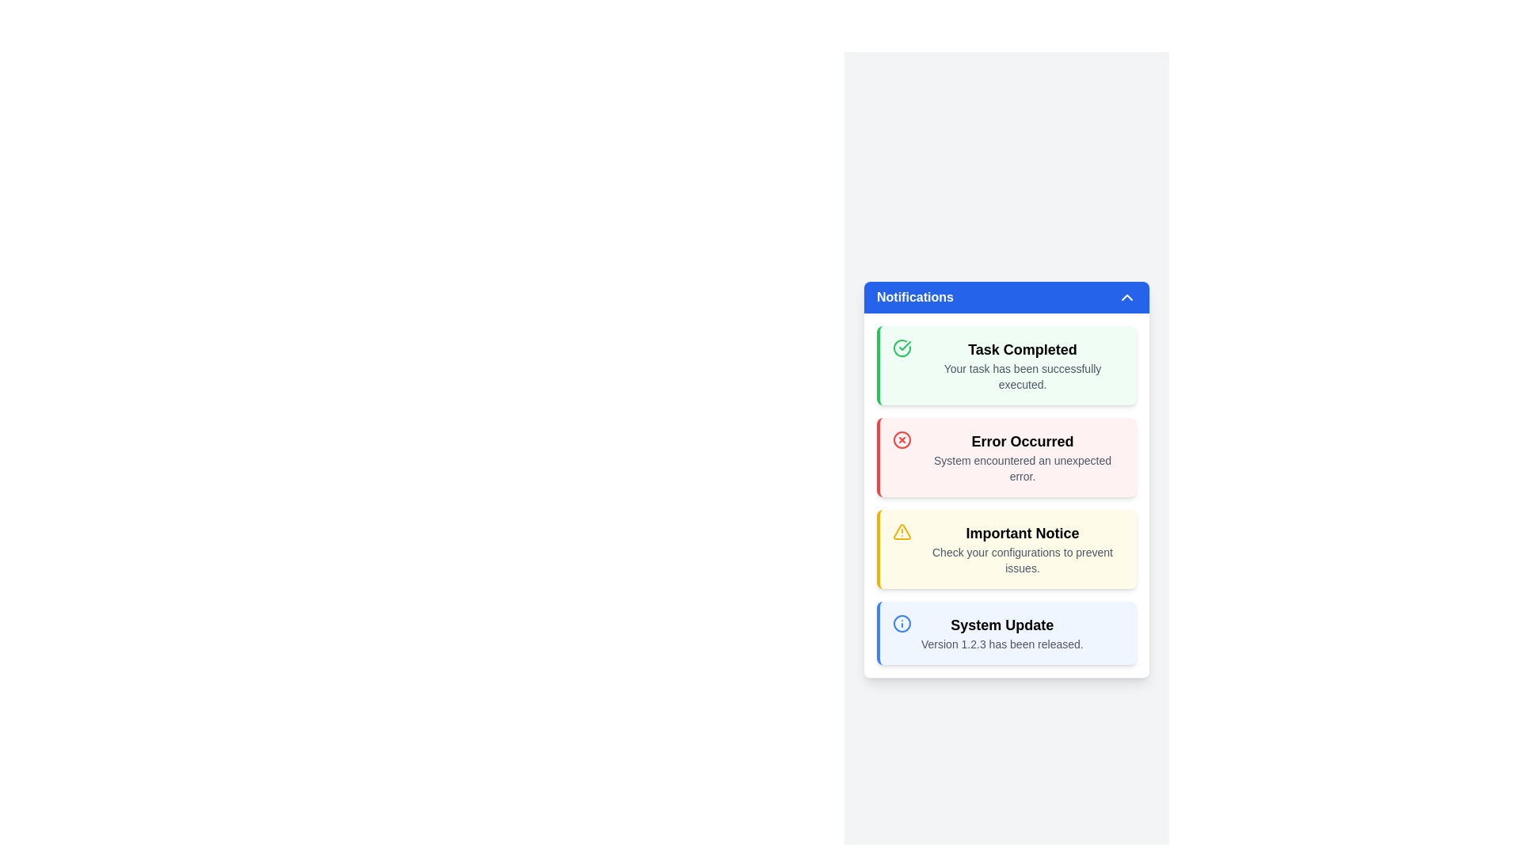  I want to click on the text label reading 'Task Completed', so click(1023, 349).